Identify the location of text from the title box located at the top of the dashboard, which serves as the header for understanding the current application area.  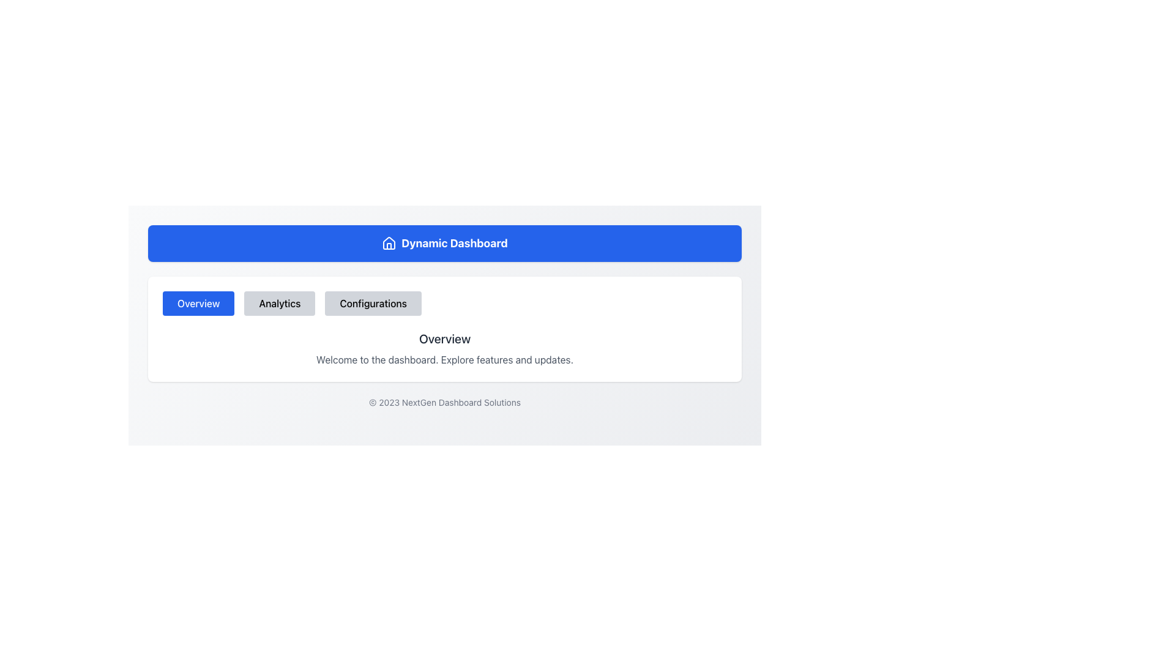
(444, 243).